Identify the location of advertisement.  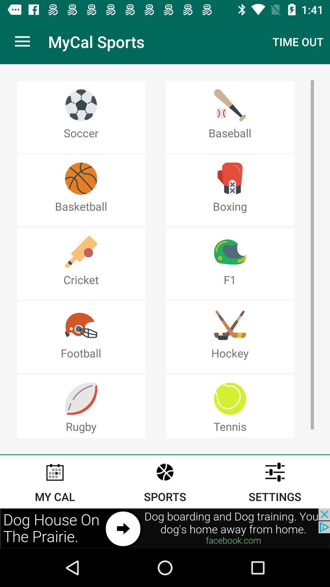
(165, 528).